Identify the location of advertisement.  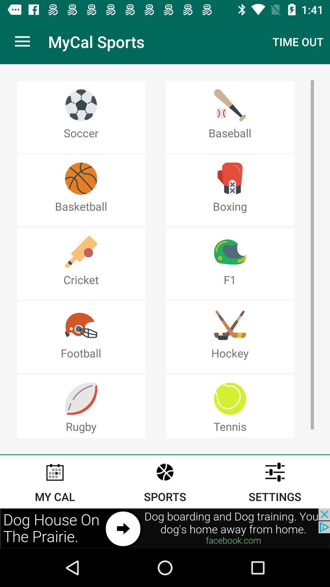
(165, 528).